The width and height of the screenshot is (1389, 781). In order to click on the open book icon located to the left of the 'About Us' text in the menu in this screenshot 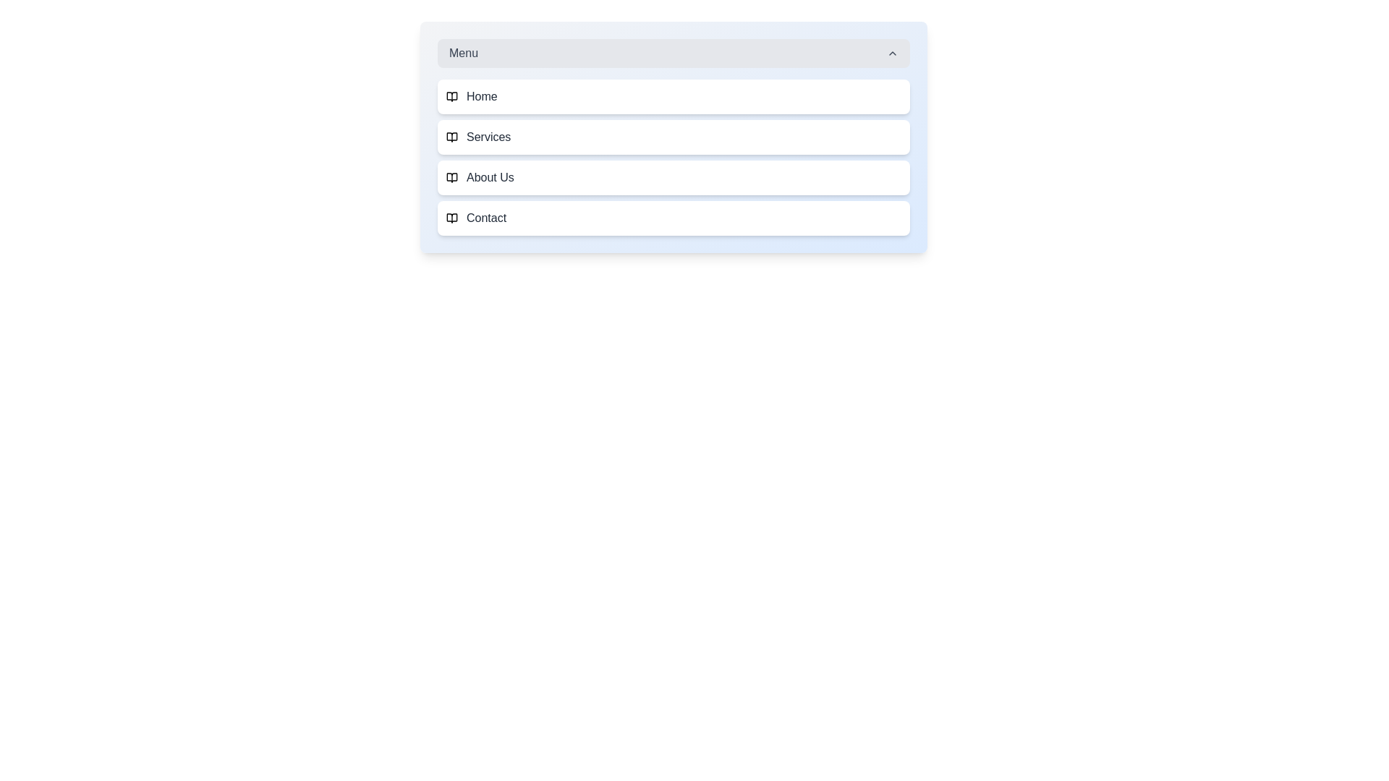, I will do `click(451, 177)`.